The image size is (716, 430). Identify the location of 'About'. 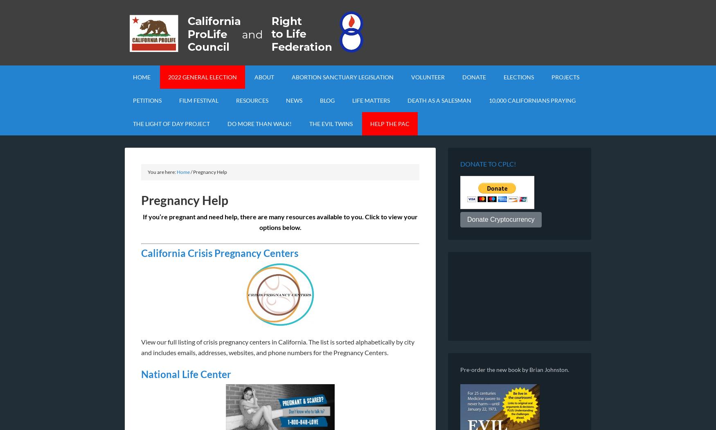
(263, 77).